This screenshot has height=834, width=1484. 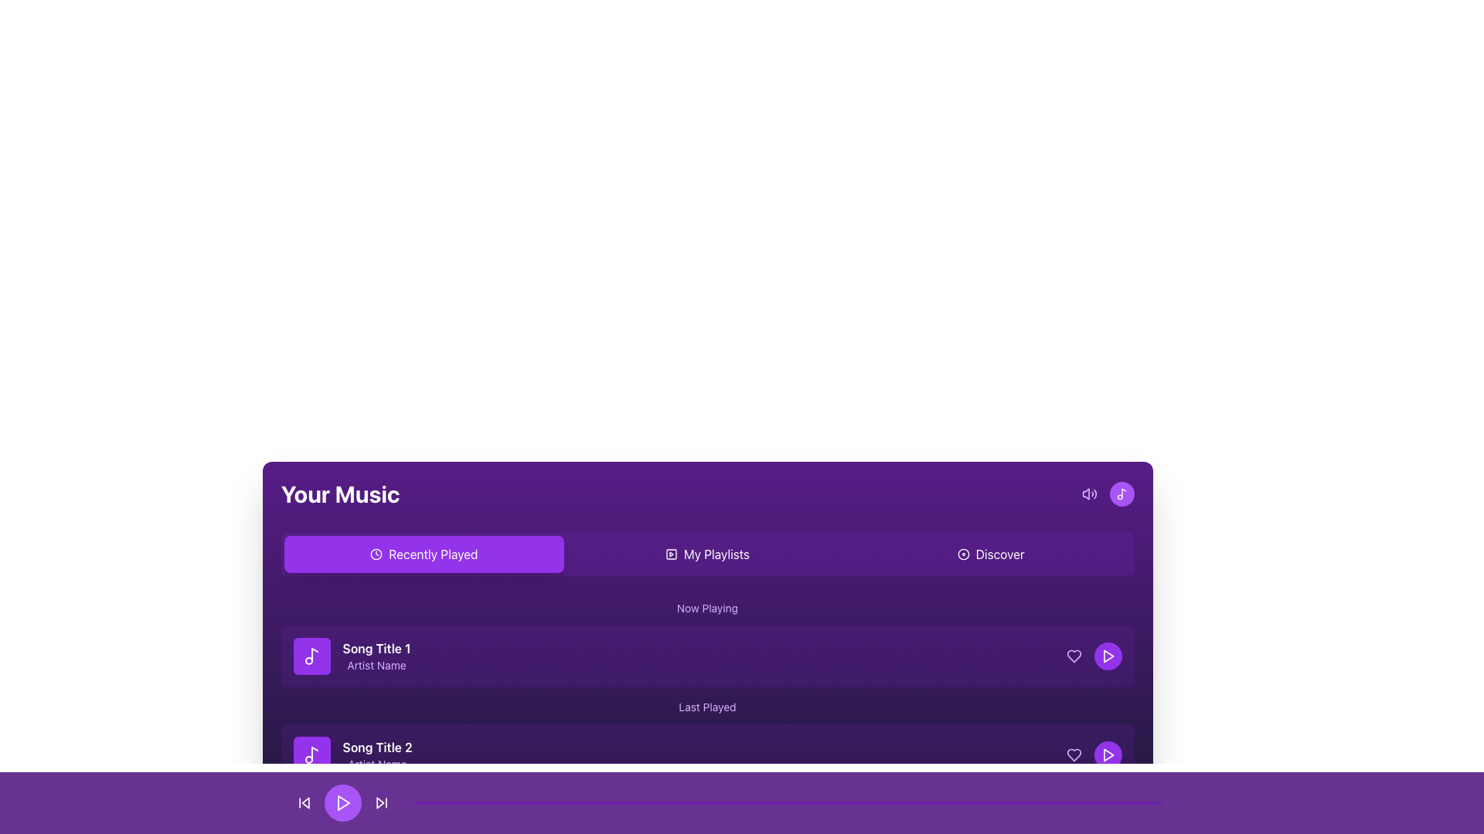 What do you see at coordinates (1073, 754) in the screenshot?
I see `the heart-shaped icon button with a purple outline to mark the song as favorite` at bounding box center [1073, 754].